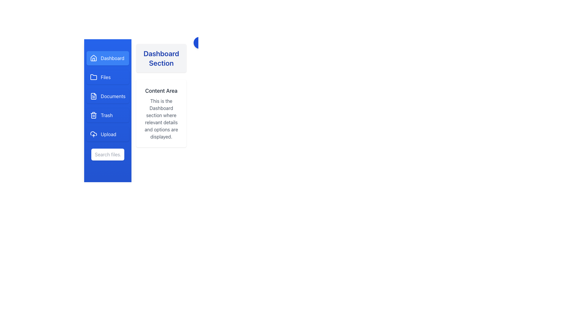 This screenshot has width=571, height=321. Describe the element at coordinates (161, 119) in the screenshot. I see `the descriptive text block that reads 'This is the Dashboard section where relevant details and options are displayed.' located in the 'Content Area' card` at that location.